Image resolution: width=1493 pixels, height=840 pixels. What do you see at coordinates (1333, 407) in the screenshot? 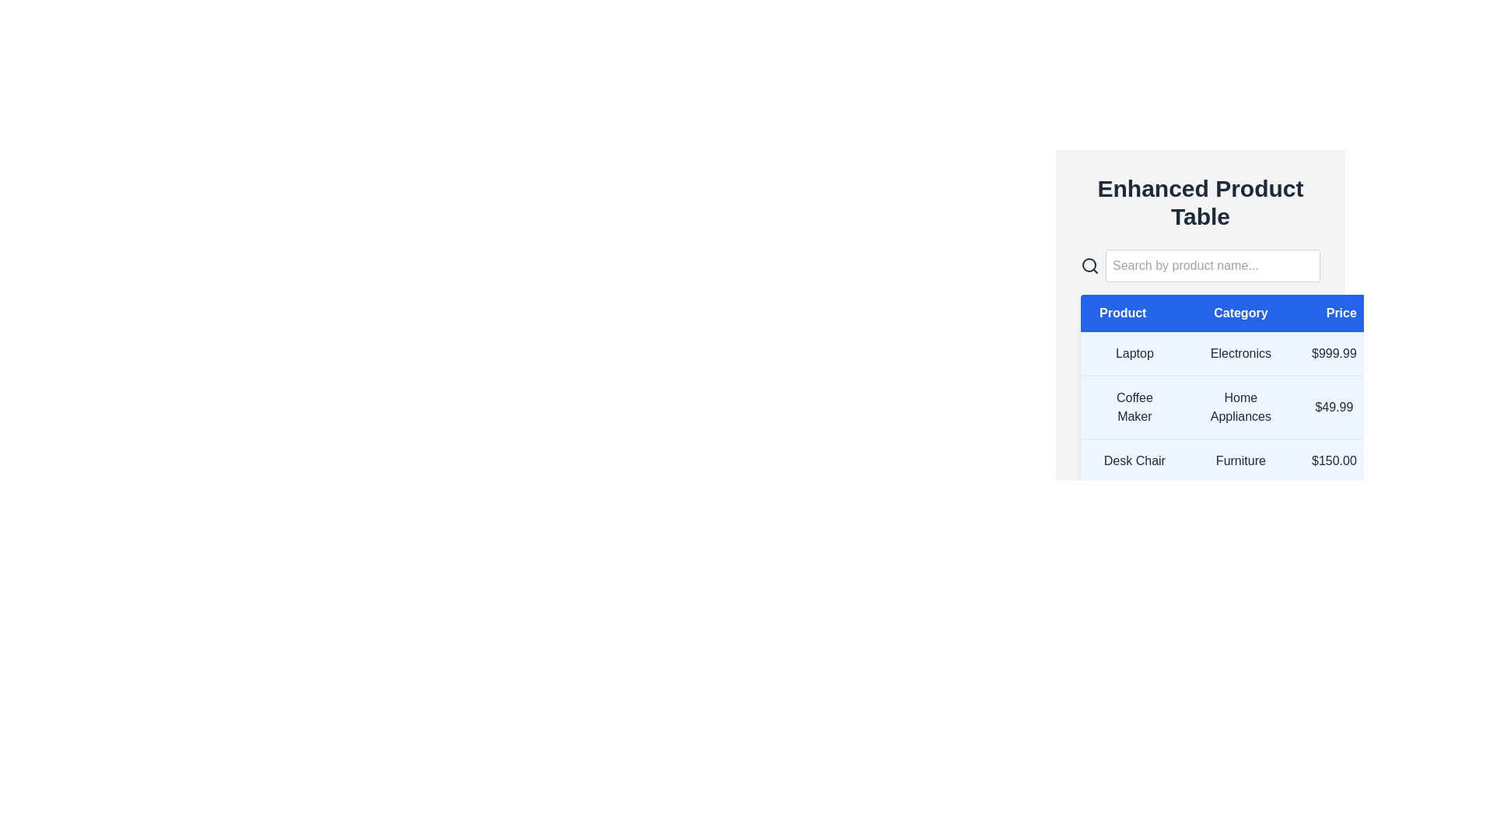
I see `the table cell displaying the price of the product 'Coffee Maker', located in the third column of its row` at bounding box center [1333, 407].